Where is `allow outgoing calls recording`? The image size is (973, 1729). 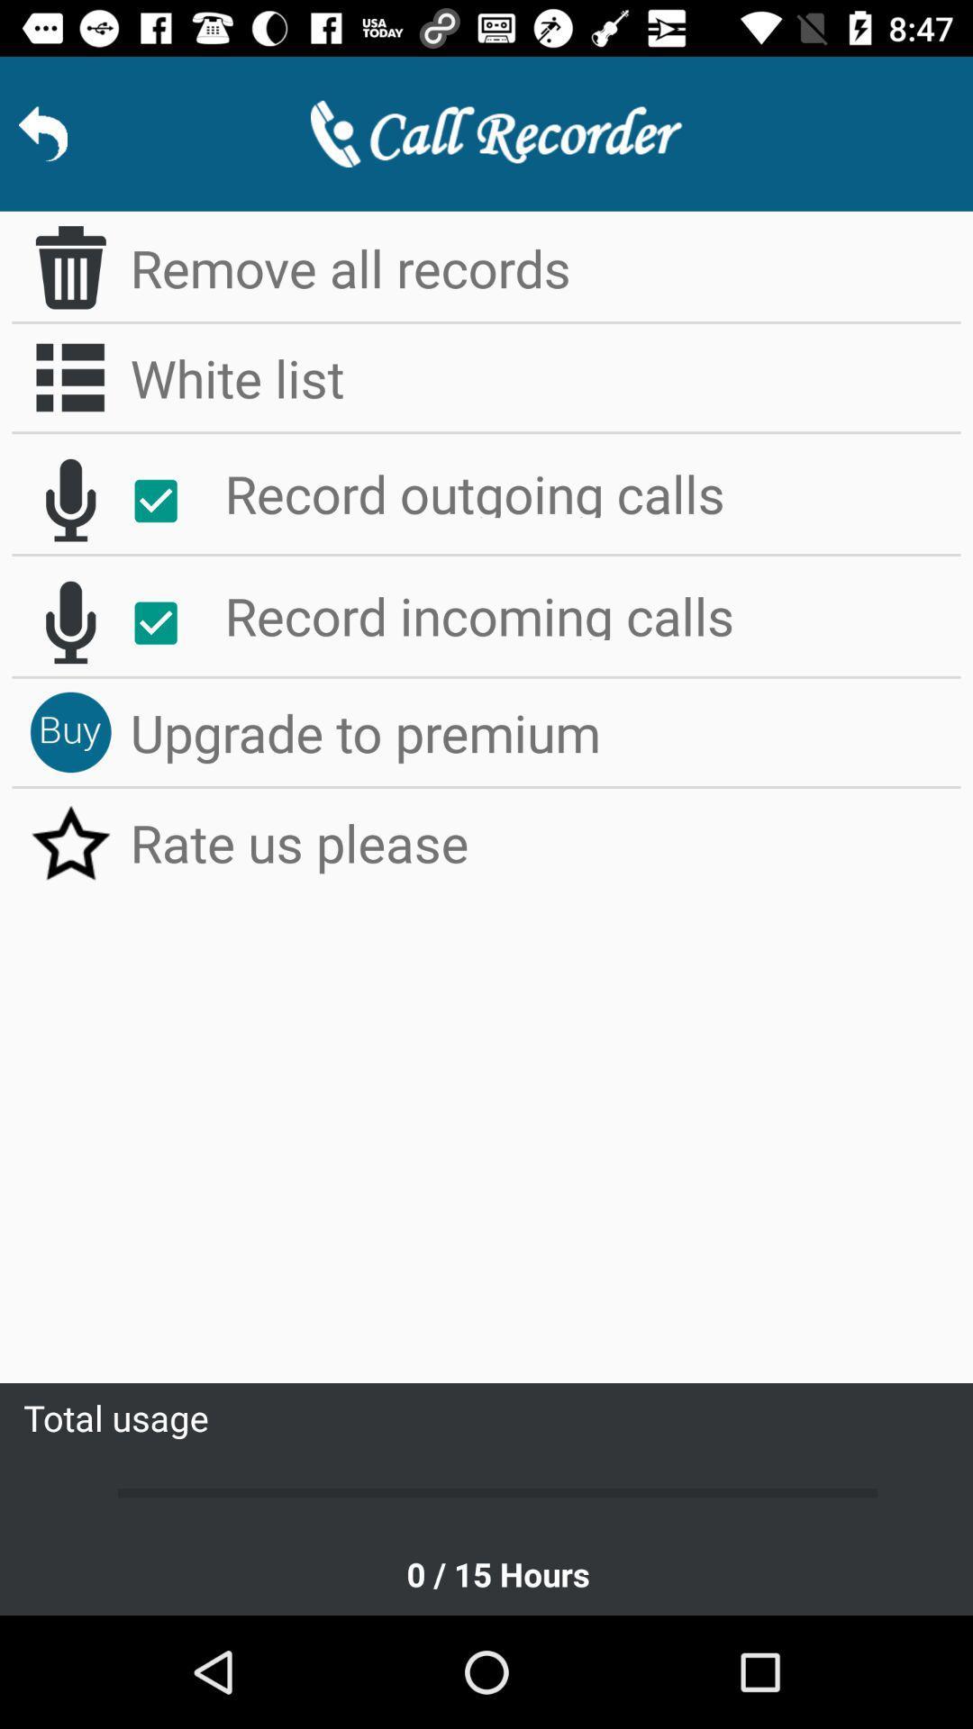
allow outgoing calls recording is located at coordinates (165, 501).